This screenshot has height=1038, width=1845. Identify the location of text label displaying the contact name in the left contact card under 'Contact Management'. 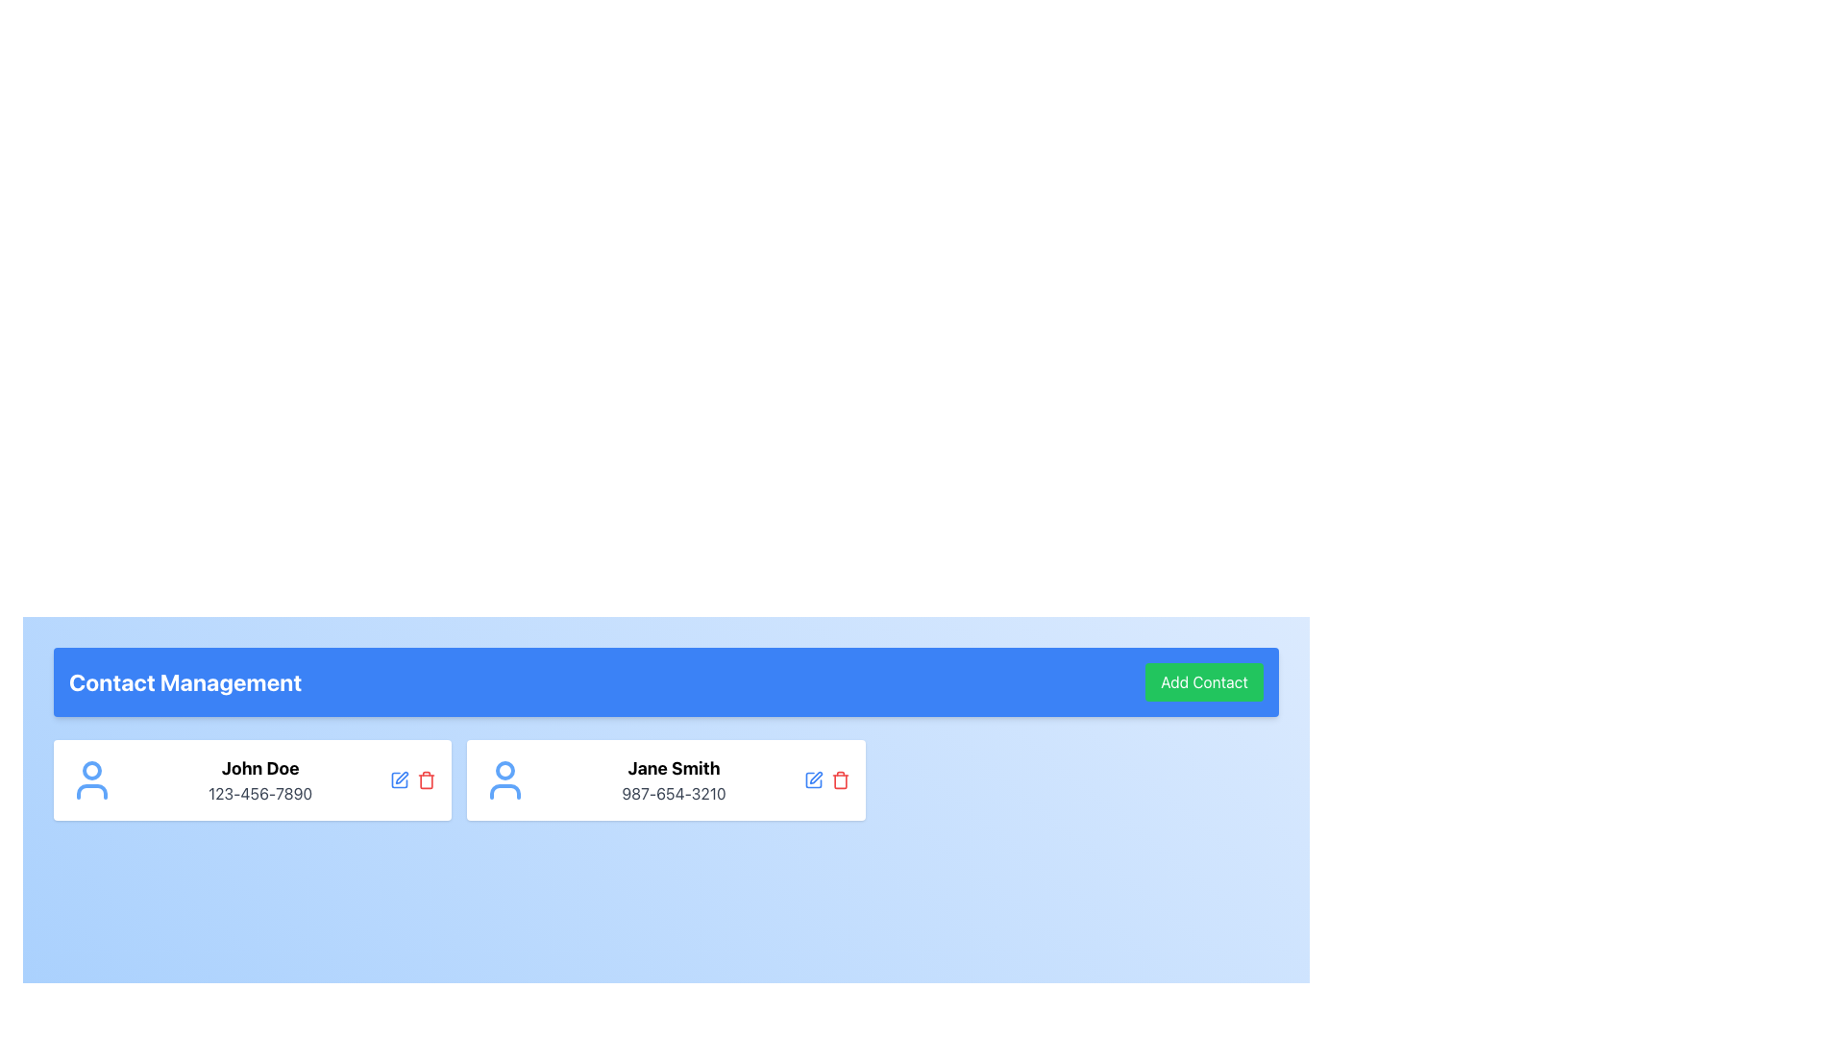
(259, 767).